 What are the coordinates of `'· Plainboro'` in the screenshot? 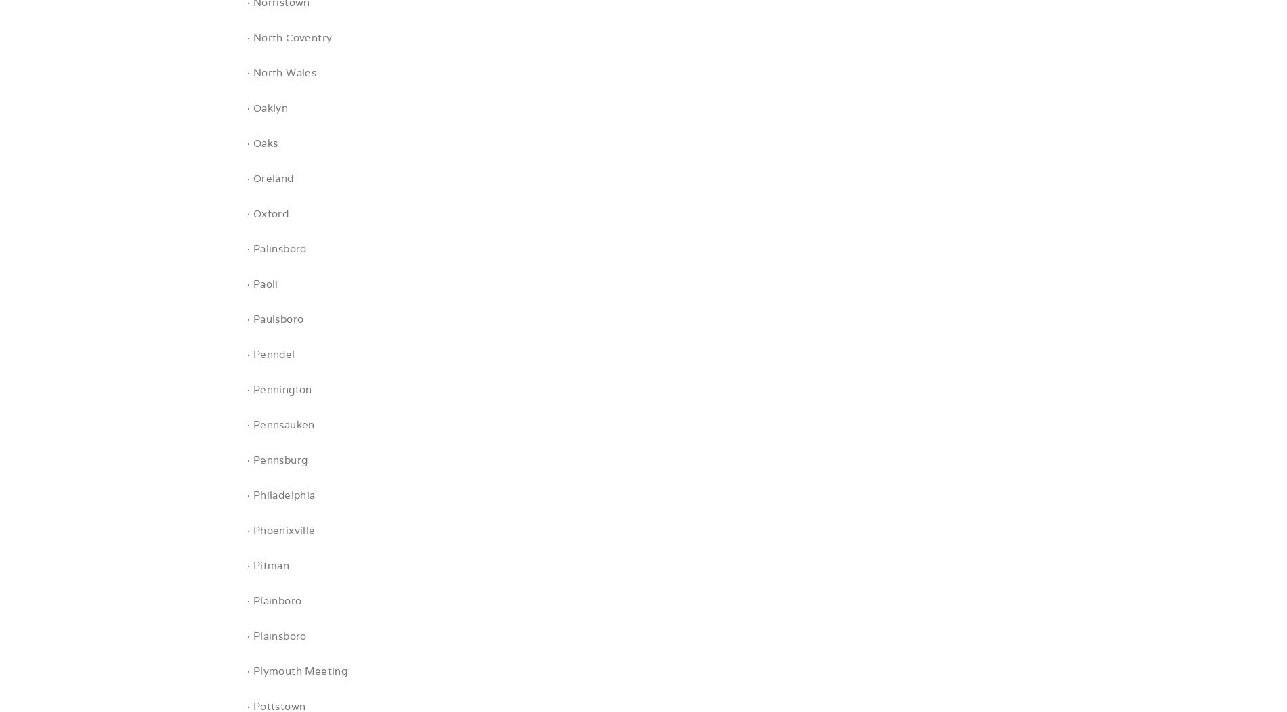 It's located at (274, 600).